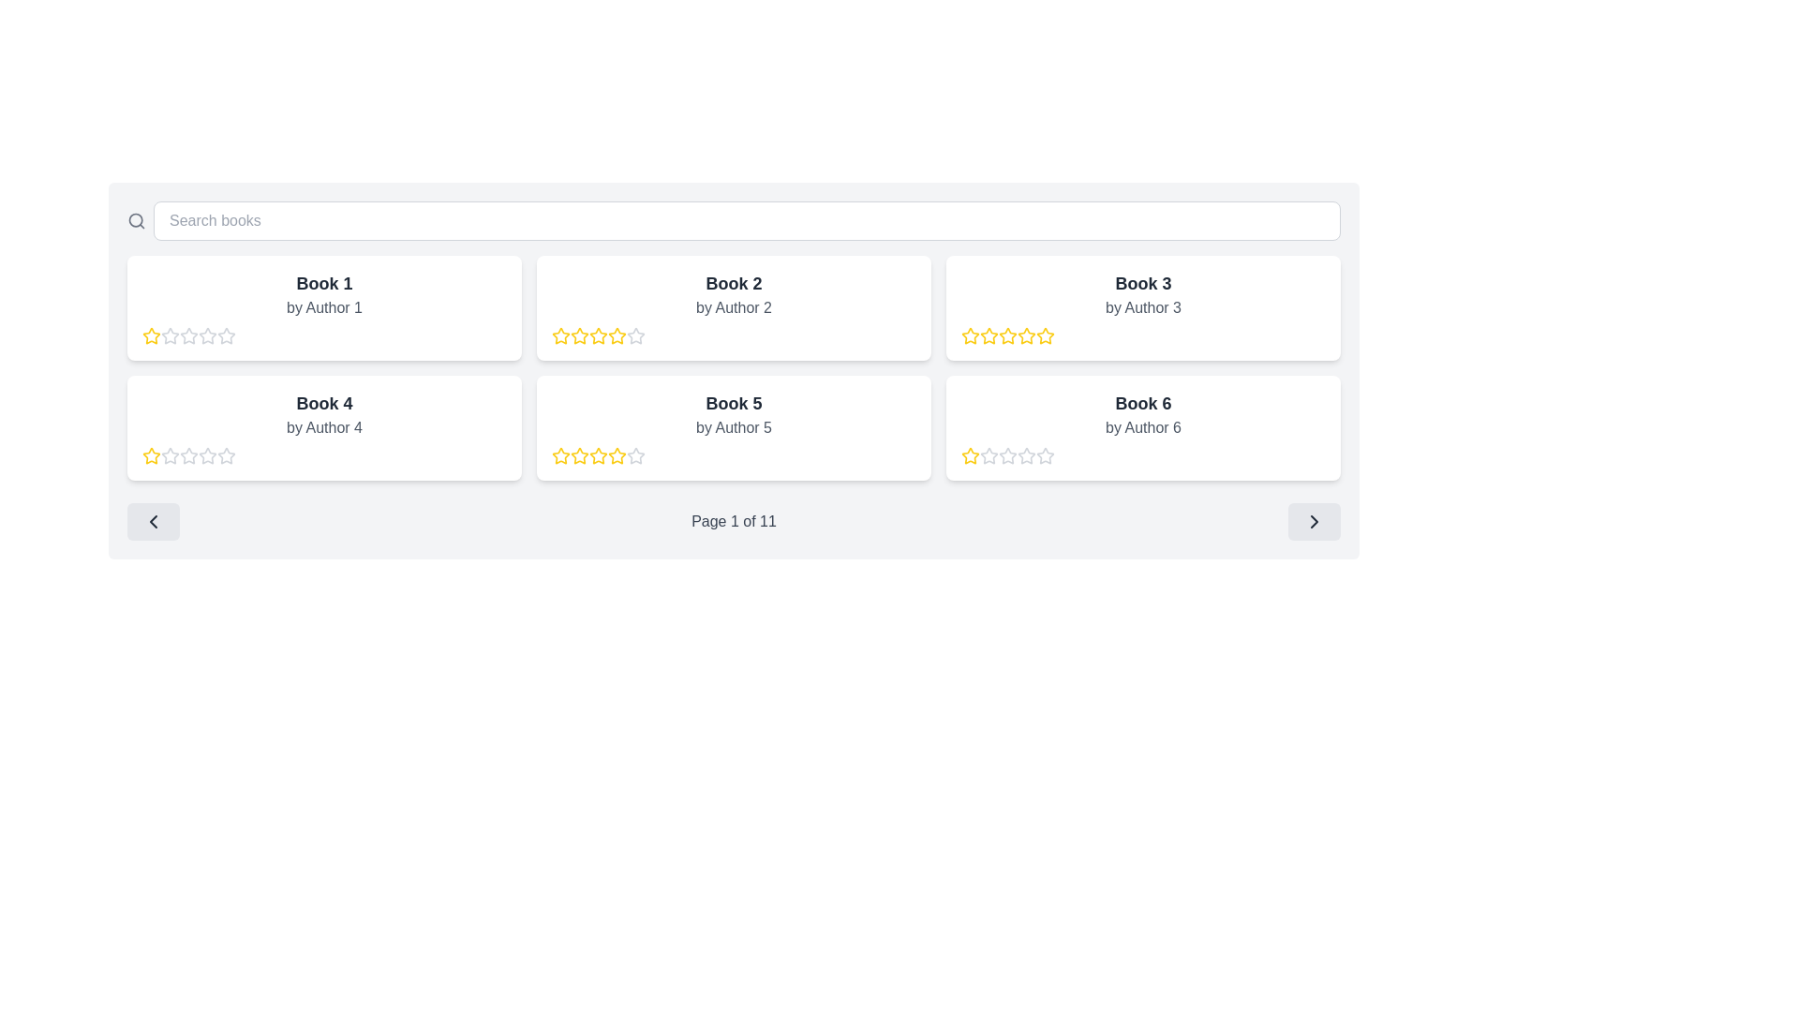 The image size is (1799, 1012). Describe the element at coordinates (1045, 455) in the screenshot. I see `the second star icon in the 5-star rating system for 'Book 6' by Author 6` at that location.